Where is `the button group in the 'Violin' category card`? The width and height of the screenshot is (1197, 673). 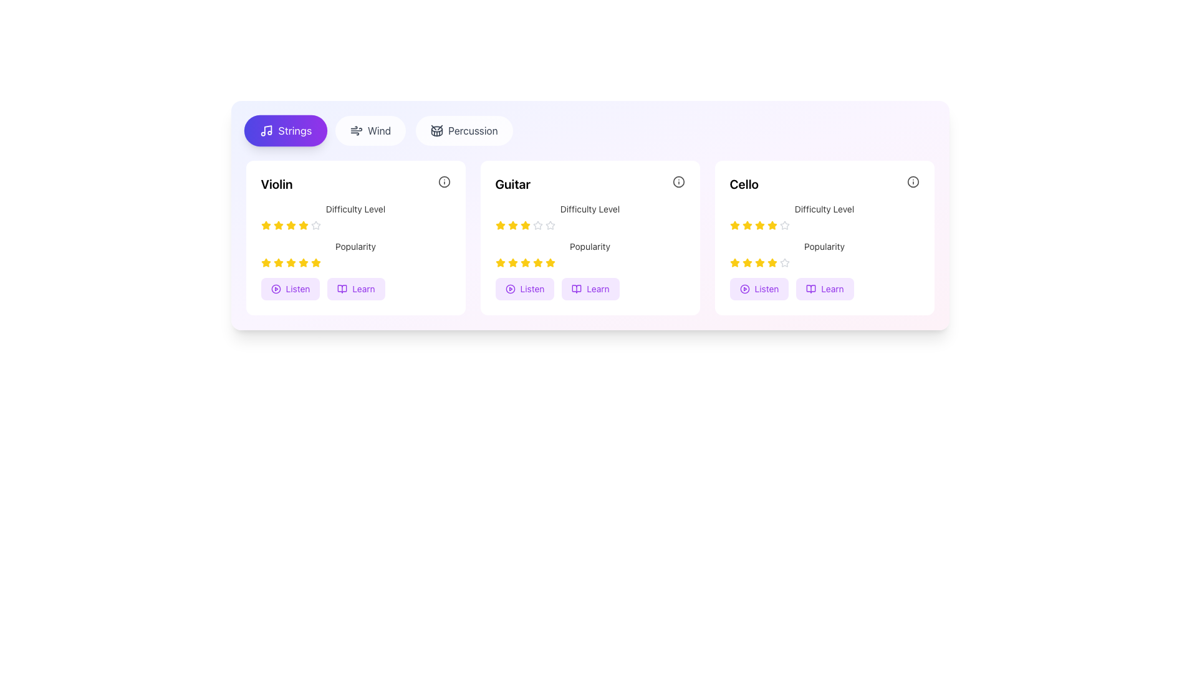 the button group in the 'Violin' category card is located at coordinates (355, 289).